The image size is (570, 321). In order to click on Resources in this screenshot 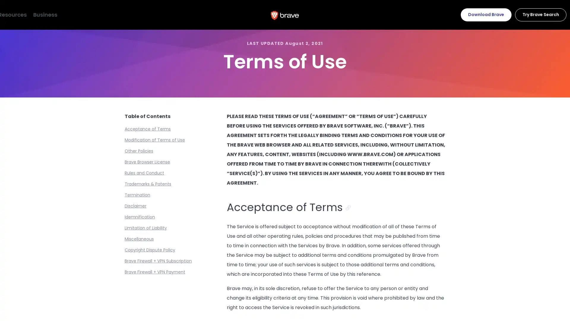, I will do `click(108, 14)`.